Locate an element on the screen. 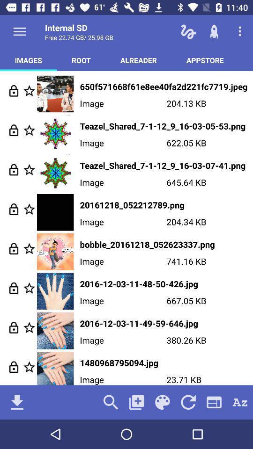 The width and height of the screenshot is (253, 449). nlock is located at coordinates (13, 130).